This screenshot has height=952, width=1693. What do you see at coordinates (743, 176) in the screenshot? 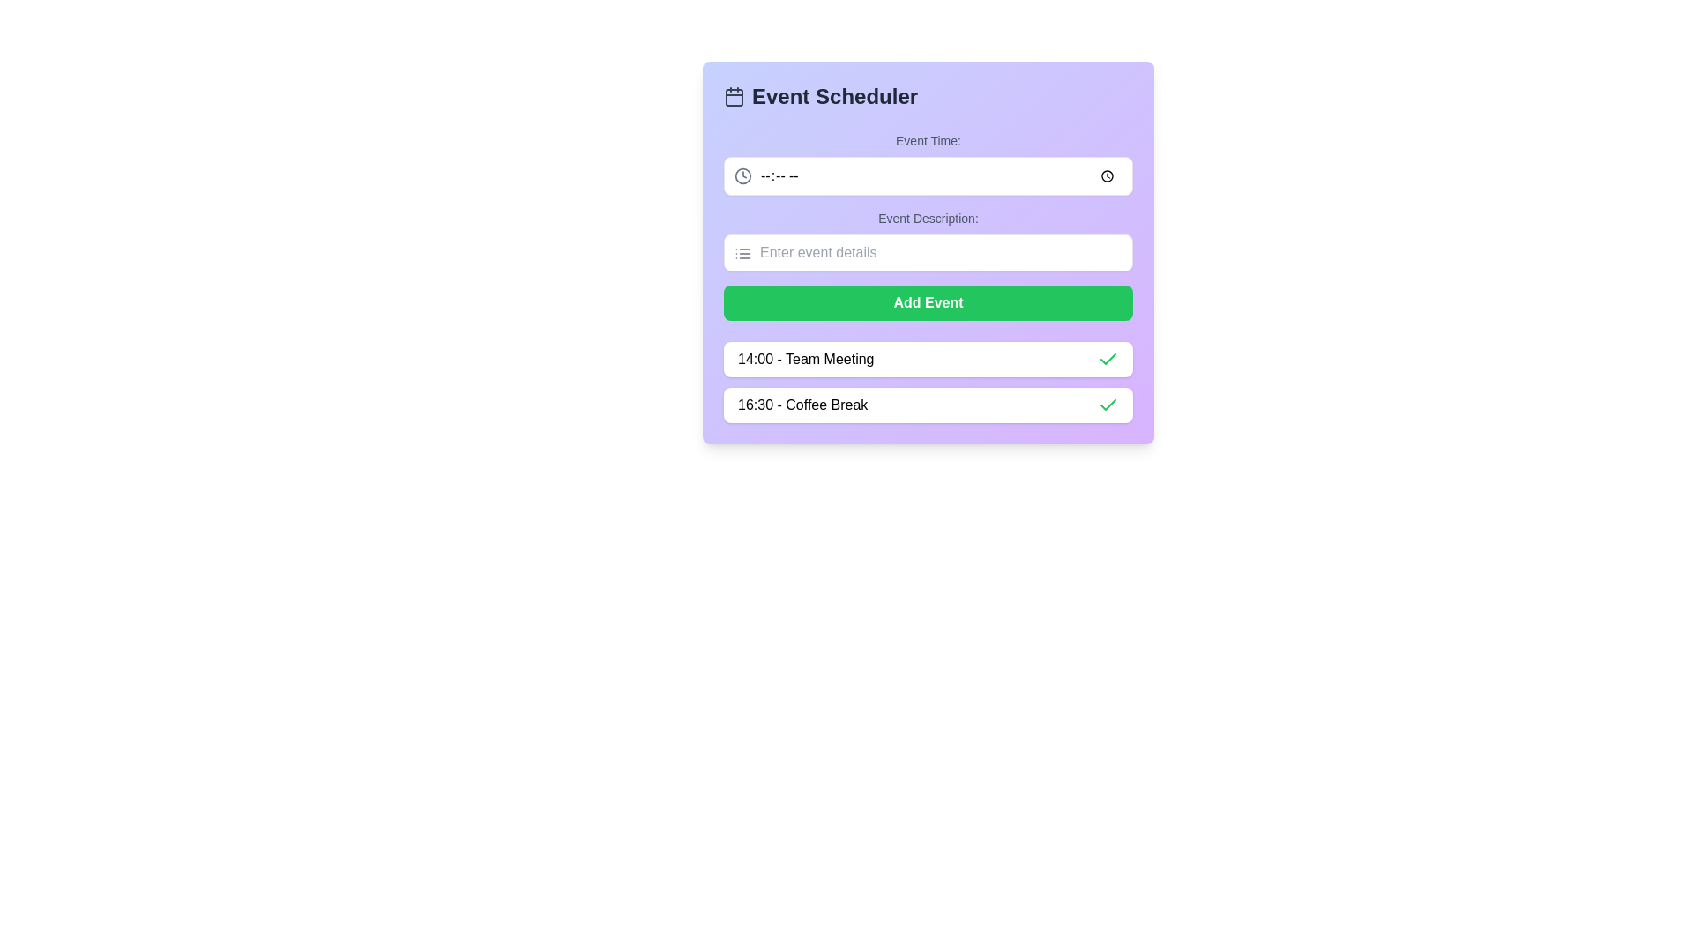
I see `the icon serving as a visual cue for the event time entry field located at the top-left corner near the label 'Event Time'` at bounding box center [743, 176].